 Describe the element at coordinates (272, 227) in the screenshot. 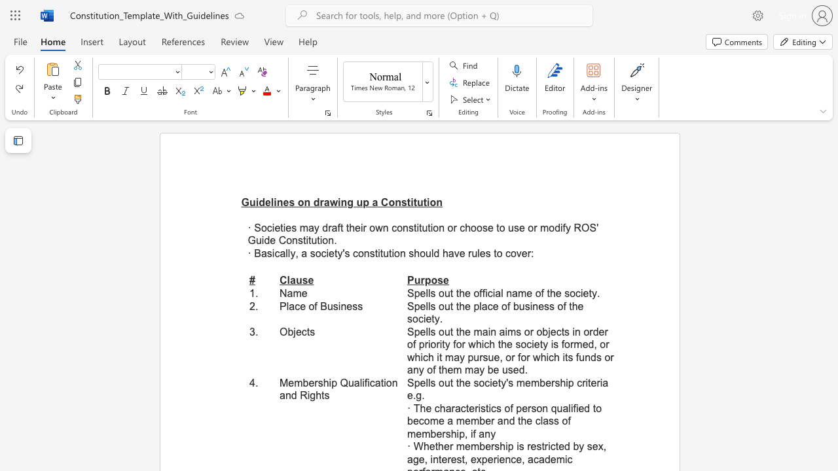

I see `the 1th character "i" in the text` at that location.